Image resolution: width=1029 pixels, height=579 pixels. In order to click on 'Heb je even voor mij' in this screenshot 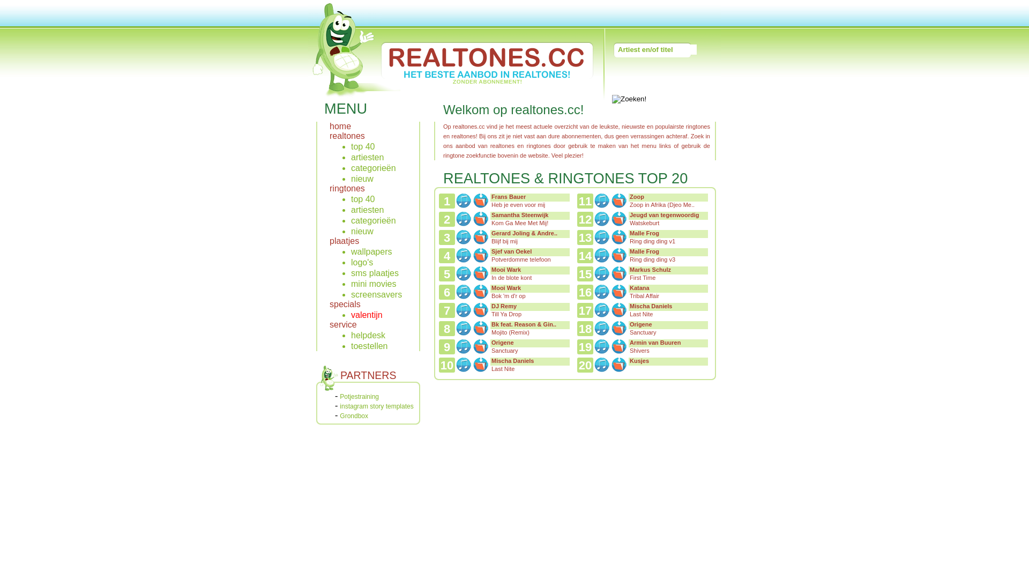, I will do `click(518, 204)`.